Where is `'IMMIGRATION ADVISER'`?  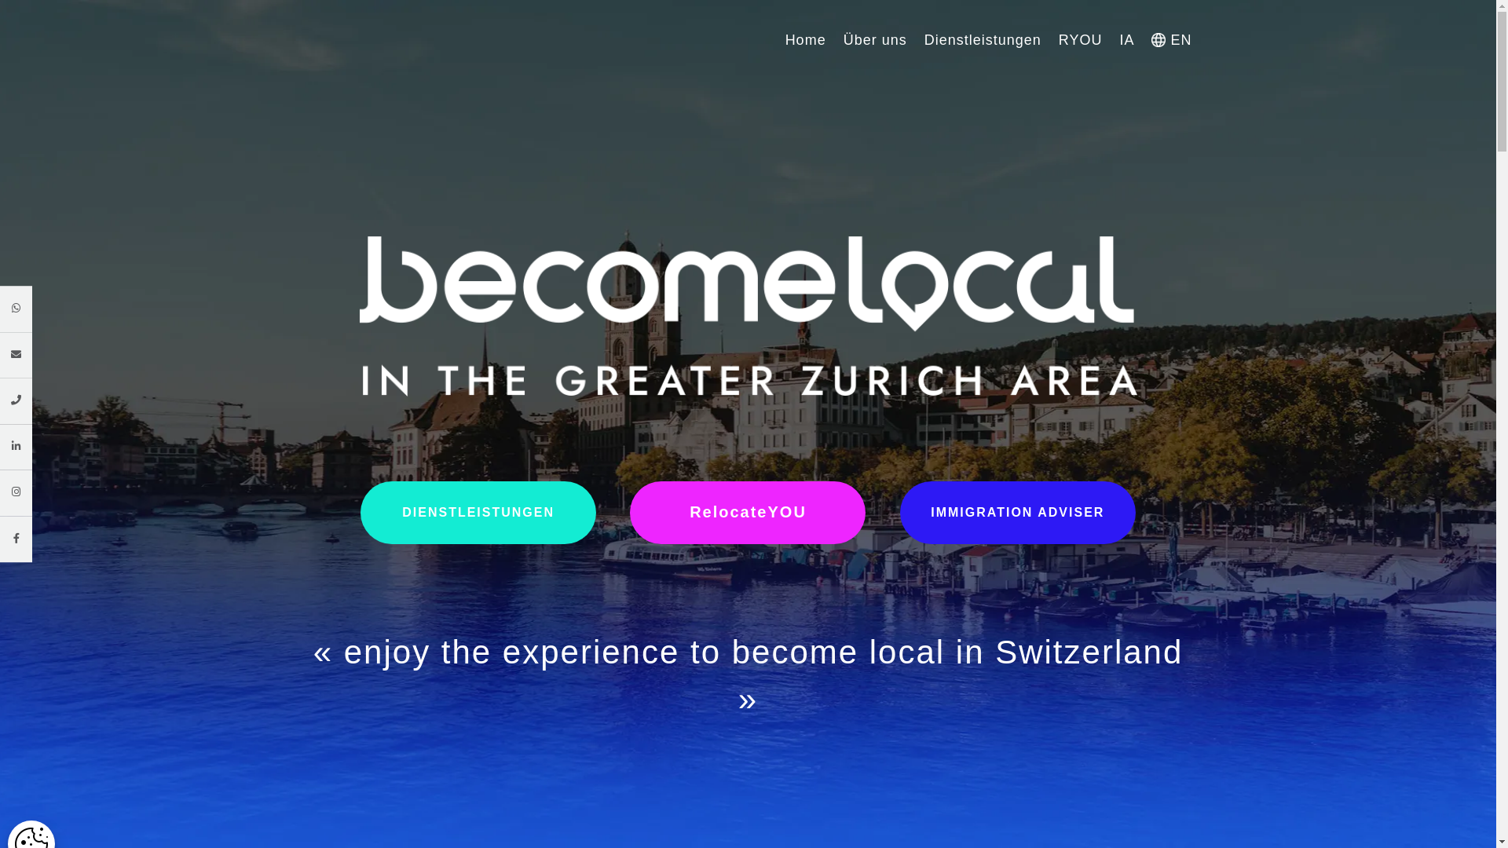 'IMMIGRATION ADVISER' is located at coordinates (900, 511).